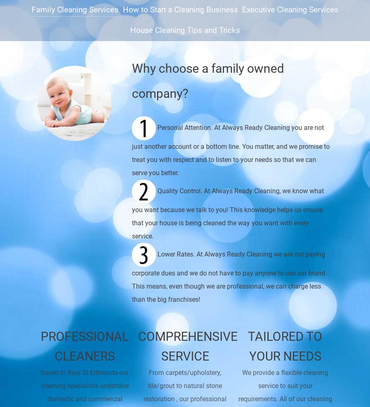 The height and width of the screenshot is (407, 370). Describe the element at coordinates (137, 345) in the screenshot. I see `'Comprehensive service'` at that location.